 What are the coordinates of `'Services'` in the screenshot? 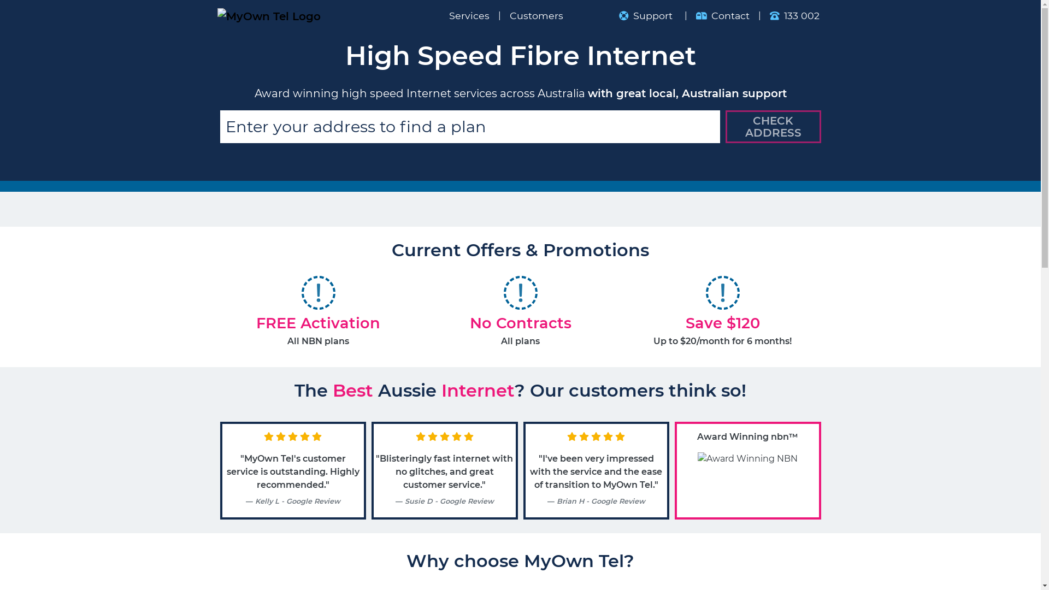 It's located at (461, 16).